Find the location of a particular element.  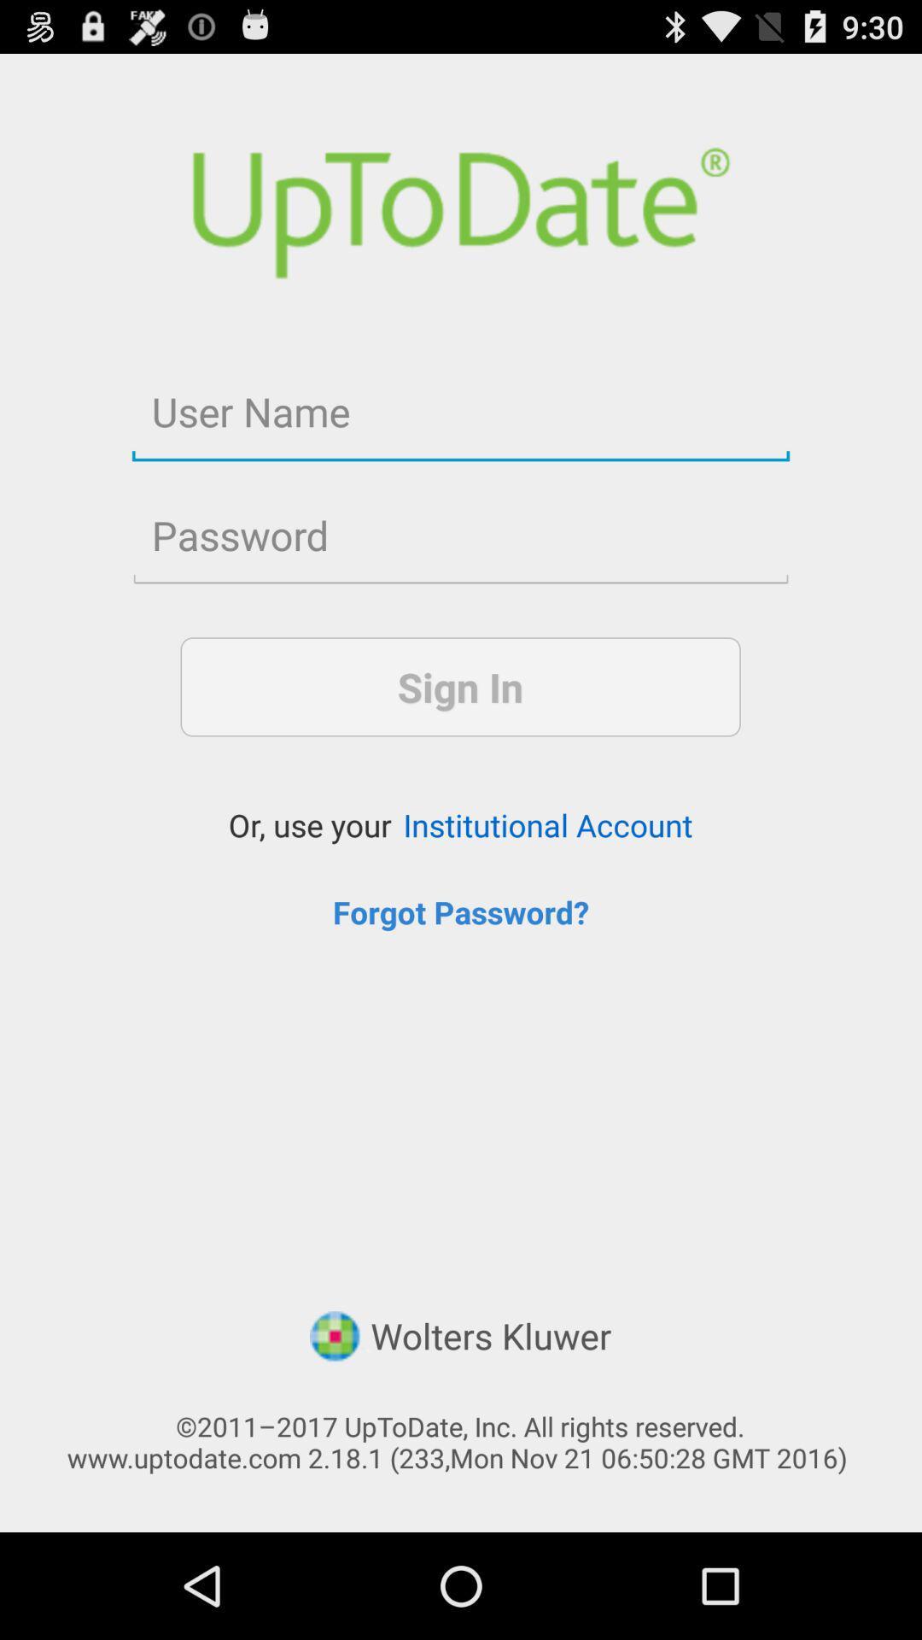

the item below or, use your icon is located at coordinates (461, 911).